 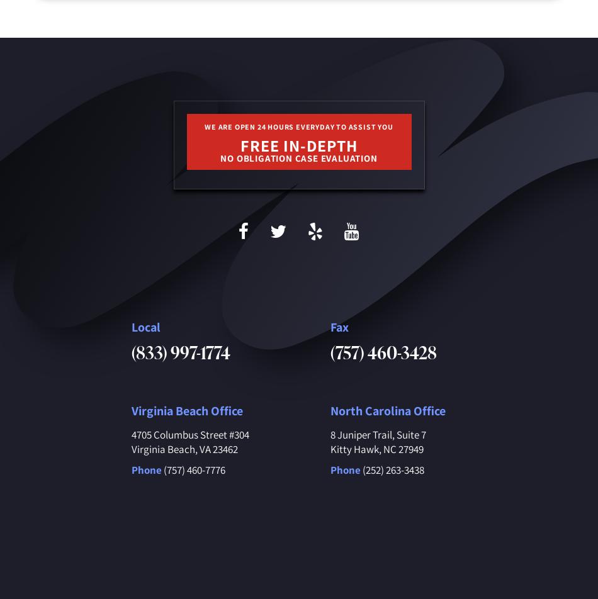 I want to click on 'No obligation case evaluation', so click(x=298, y=158).